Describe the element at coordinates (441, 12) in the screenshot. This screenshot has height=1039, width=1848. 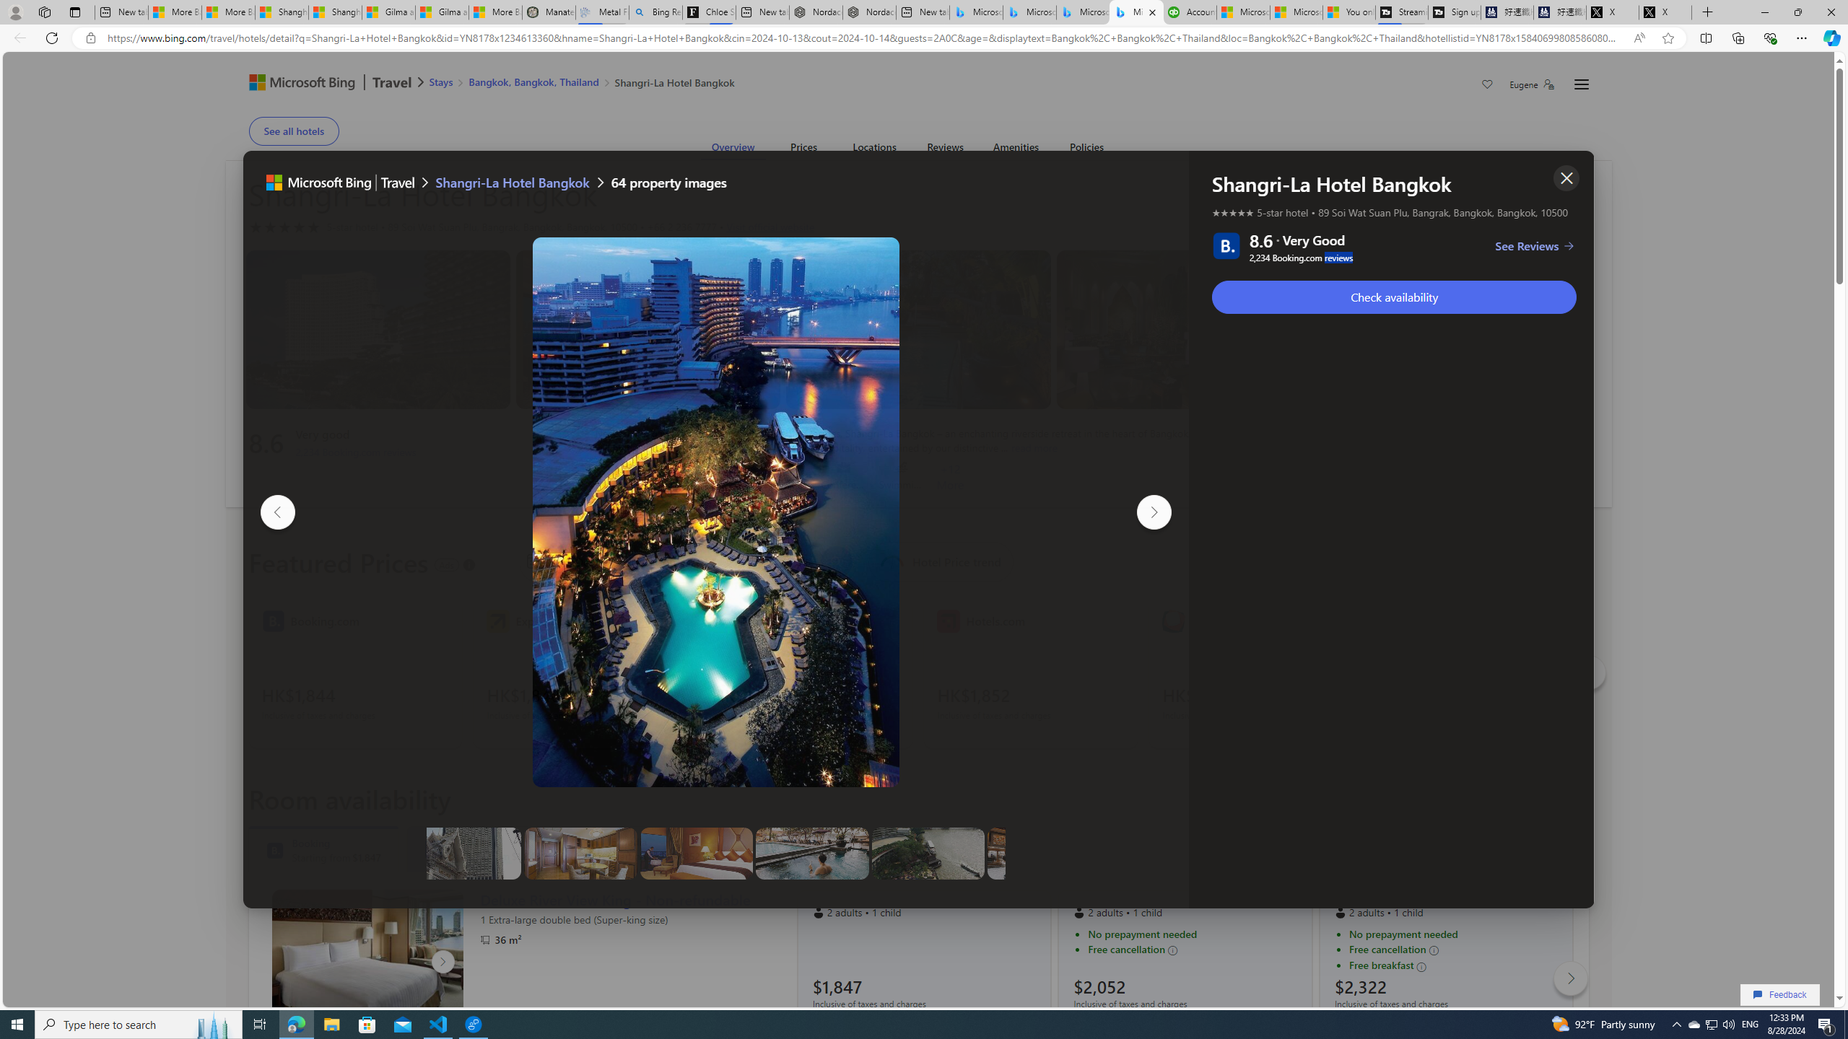
I see `'Gilma and Hector both pose tropical trouble for Hawaii'` at that location.